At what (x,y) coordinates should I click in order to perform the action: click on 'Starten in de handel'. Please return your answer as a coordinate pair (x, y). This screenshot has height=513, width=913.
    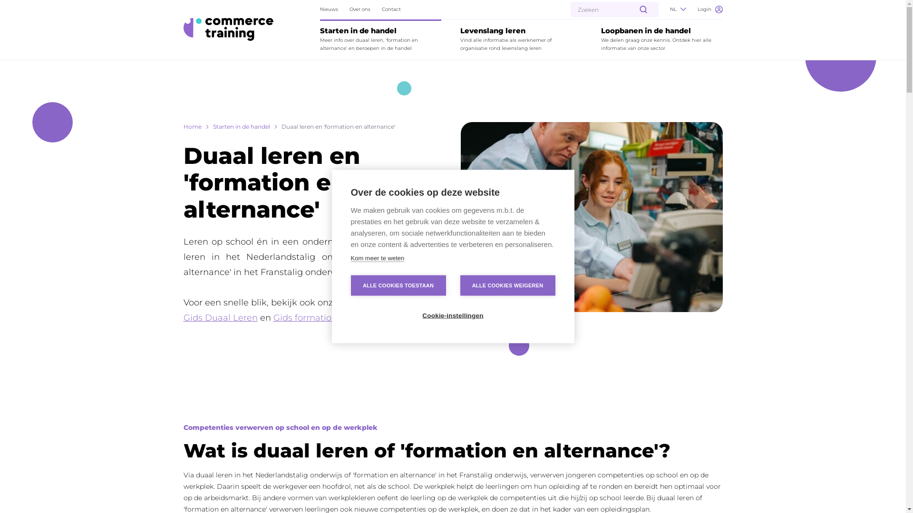
    Looking at the image, I should click on (242, 126).